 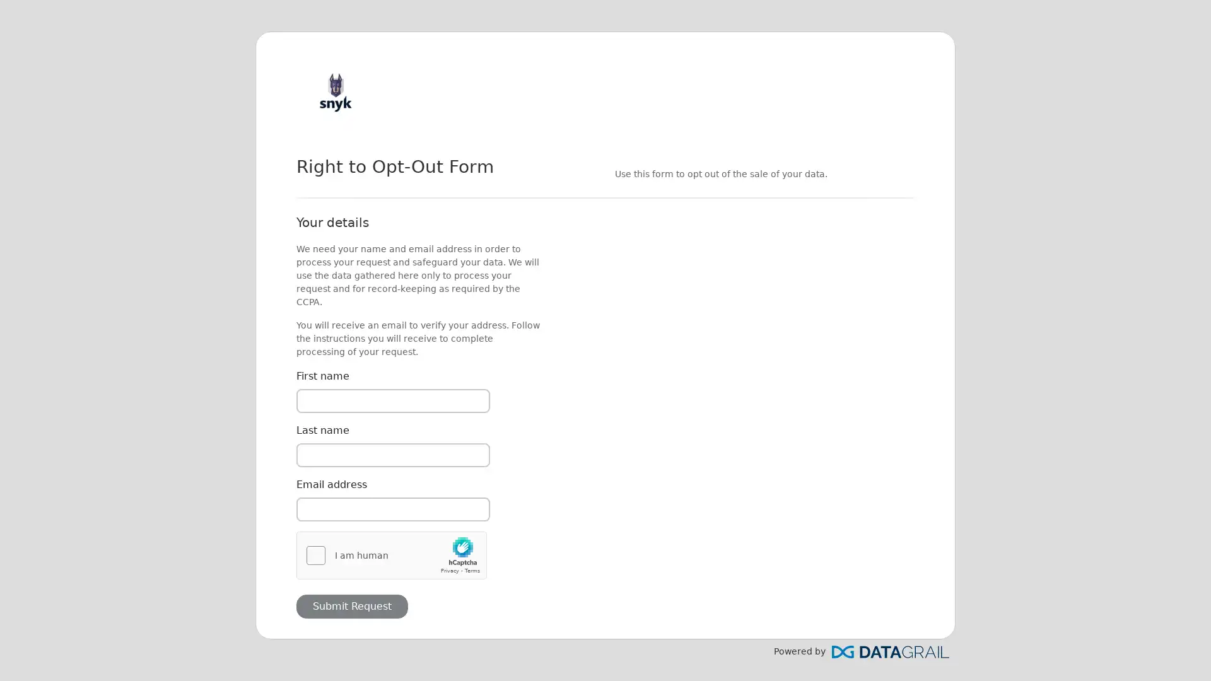 I want to click on Submit Request, so click(x=352, y=605).